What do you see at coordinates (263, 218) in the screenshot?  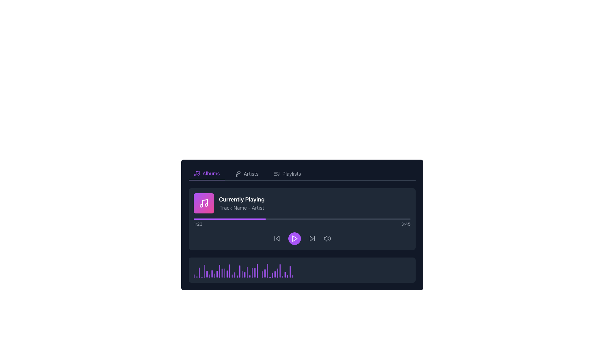 I see `the playback position` at bounding box center [263, 218].